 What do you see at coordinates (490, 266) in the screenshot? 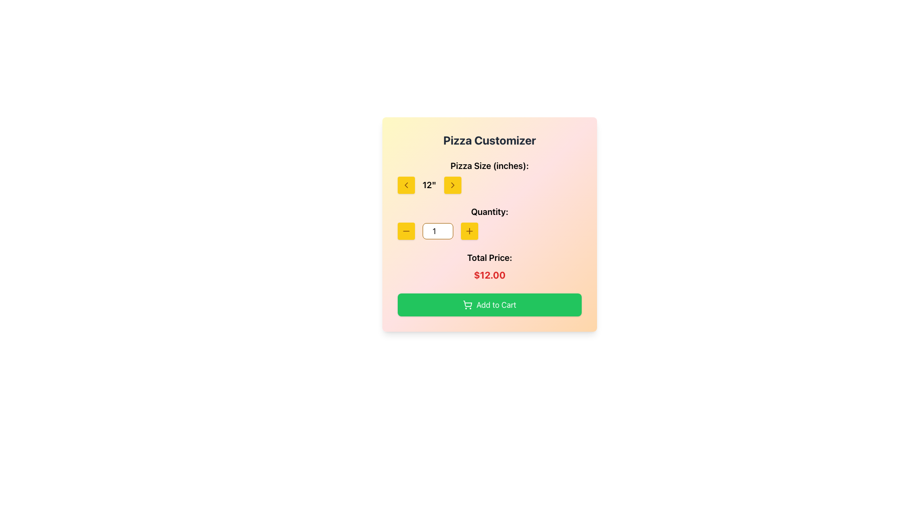
I see `the Text Display element that shows the total price of '$12.00' which is styled prominently within the 'Pizza Customizer' card` at bounding box center [490, 266].